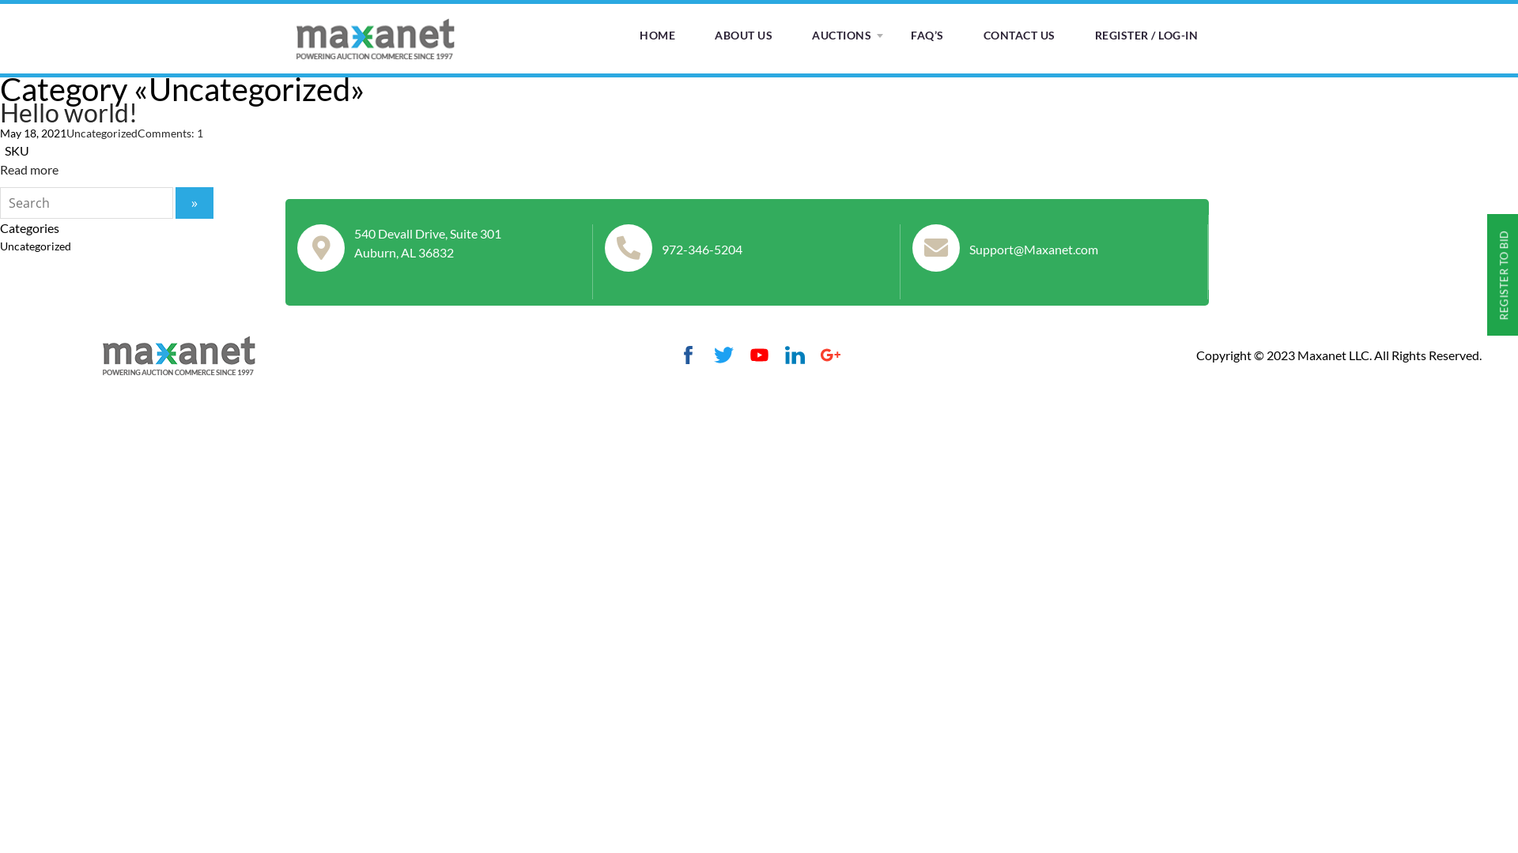 This screenshot has height=853, width=1518. I want to click on 'CONTACT US', so click(1019, 36).